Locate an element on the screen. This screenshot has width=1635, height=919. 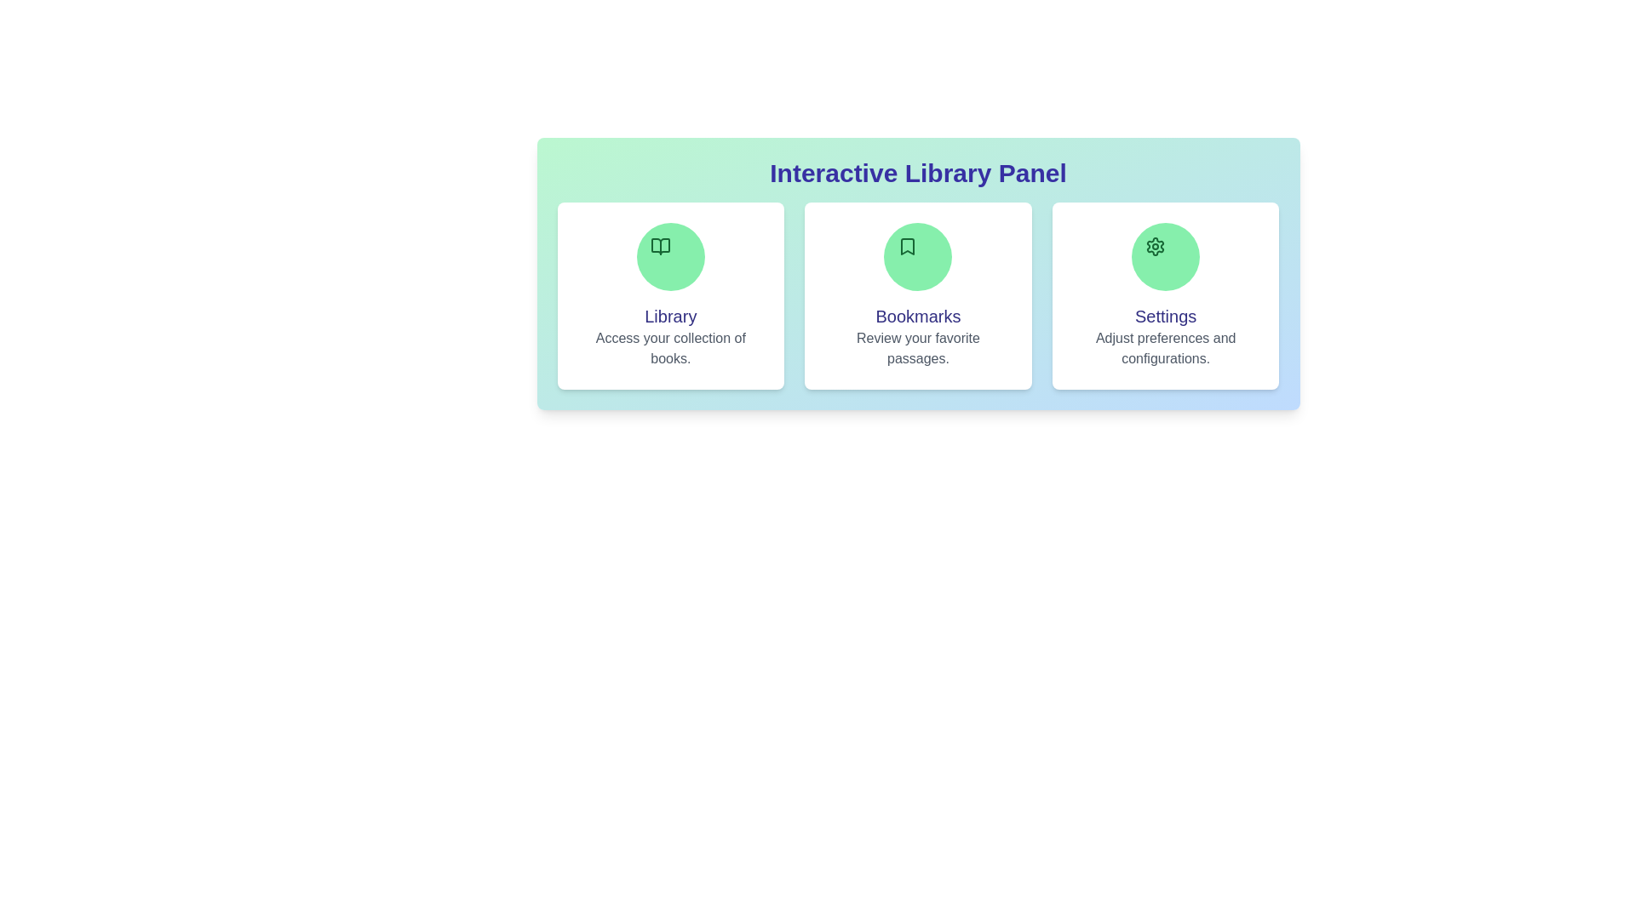
the card representing the Bookmarks section is located at coordinates (917, 294).